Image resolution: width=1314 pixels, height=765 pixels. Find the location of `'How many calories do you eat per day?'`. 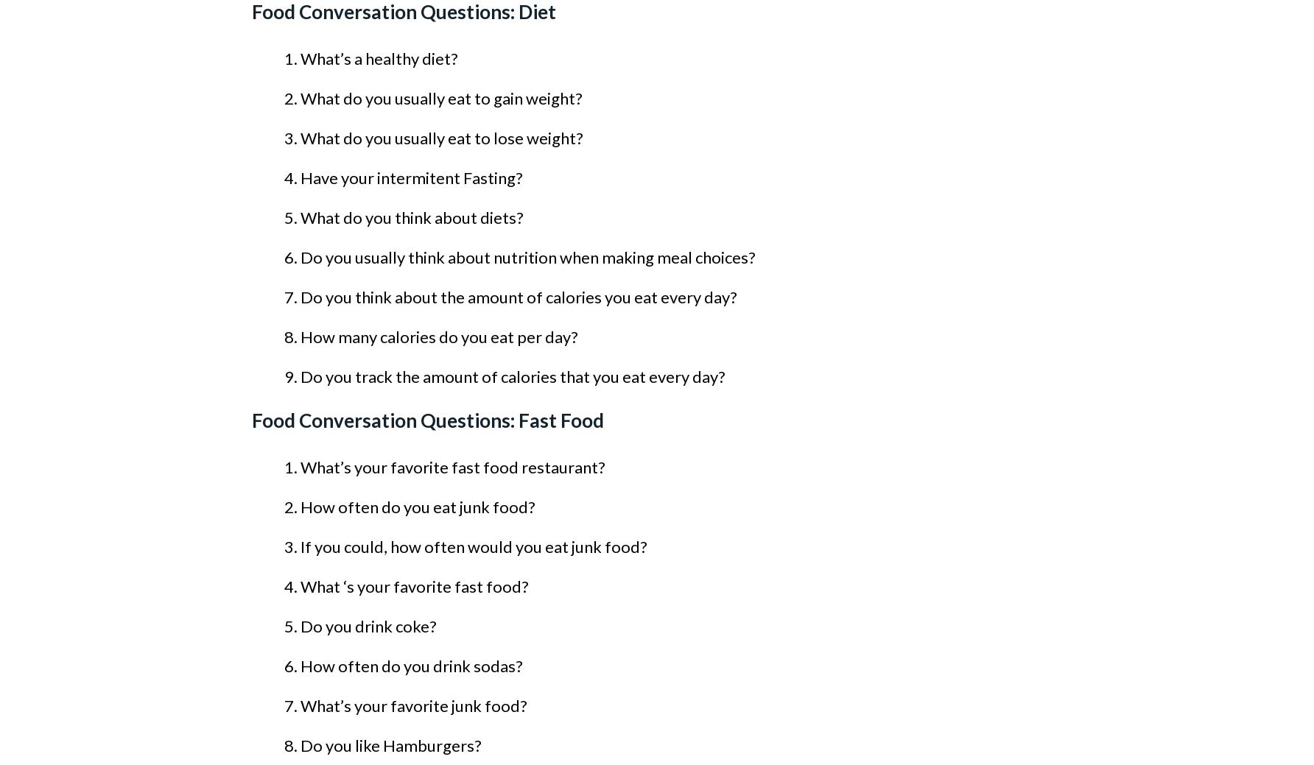

'How many calories do you eat per day?' is located at coordinates (438, 336).